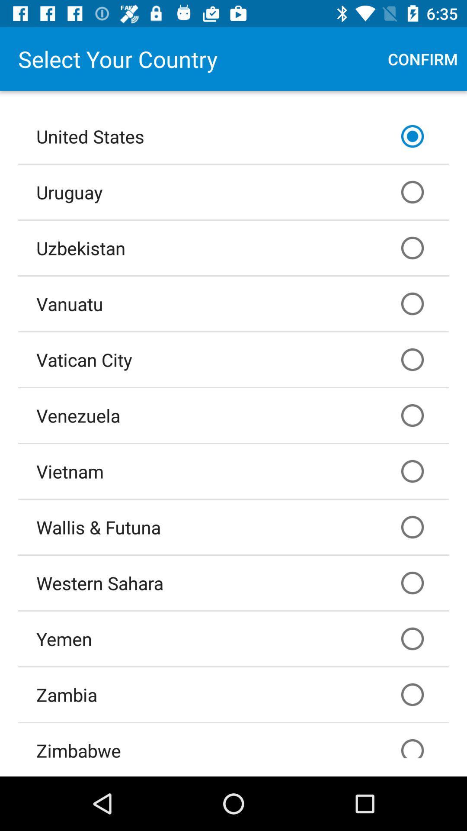  Describe the element at coordinates (233, 136) in the screenshot. I see `united states icon` at that location.